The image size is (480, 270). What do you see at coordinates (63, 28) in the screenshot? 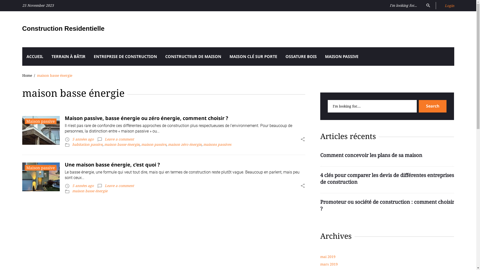
I see `'Construction Residentielle'` at bounding box center [63, 28].